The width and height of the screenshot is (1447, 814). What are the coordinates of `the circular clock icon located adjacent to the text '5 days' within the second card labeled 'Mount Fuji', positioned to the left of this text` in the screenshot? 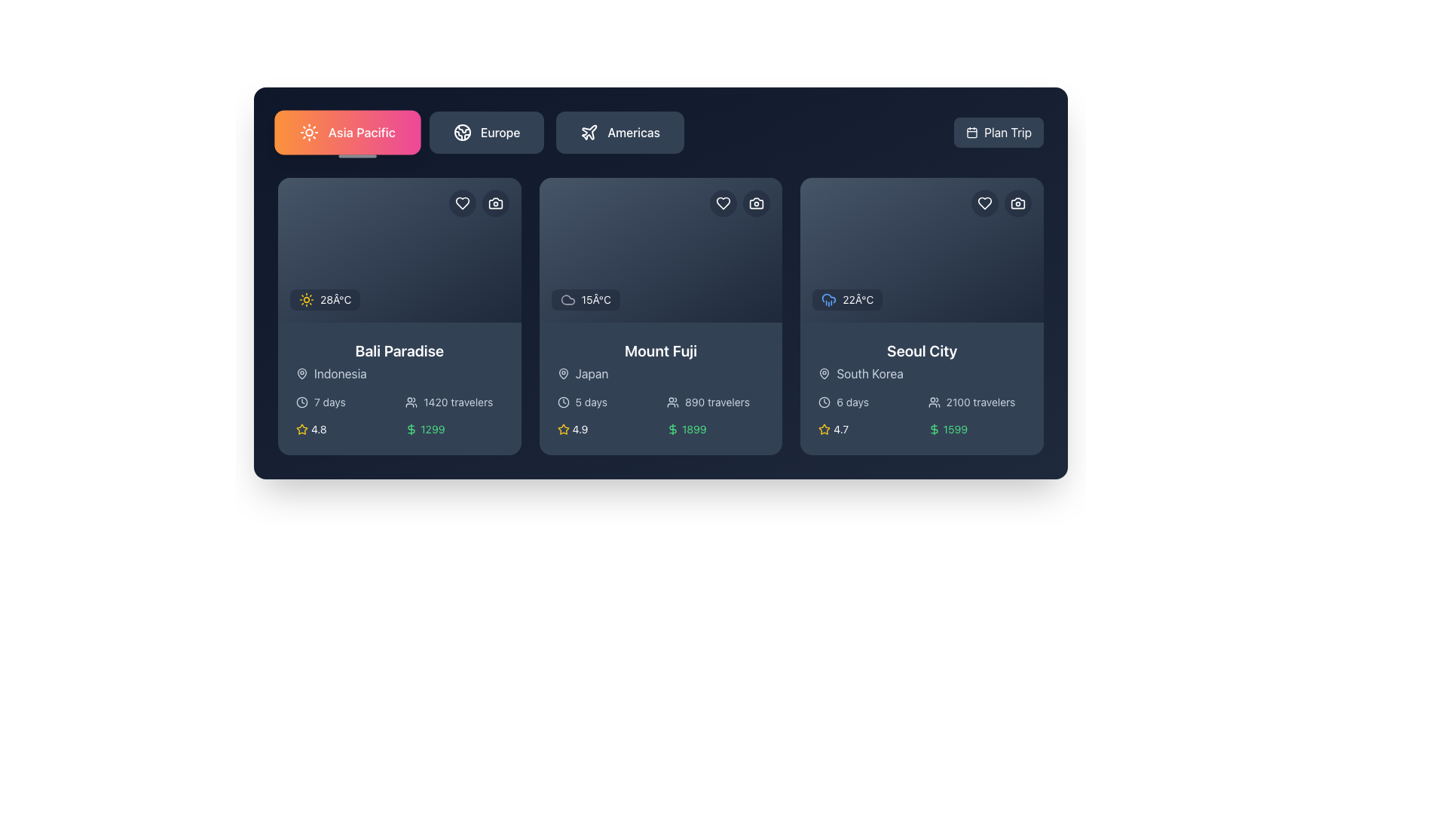 It's located at (562, 401).